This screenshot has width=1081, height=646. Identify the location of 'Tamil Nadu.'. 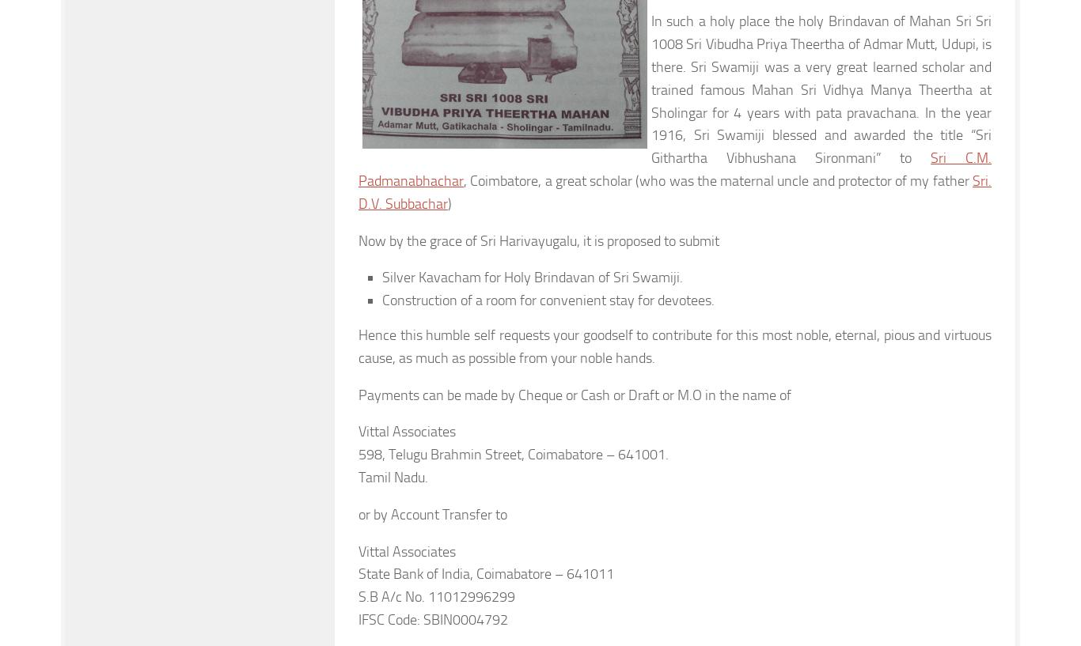
(393, 477).